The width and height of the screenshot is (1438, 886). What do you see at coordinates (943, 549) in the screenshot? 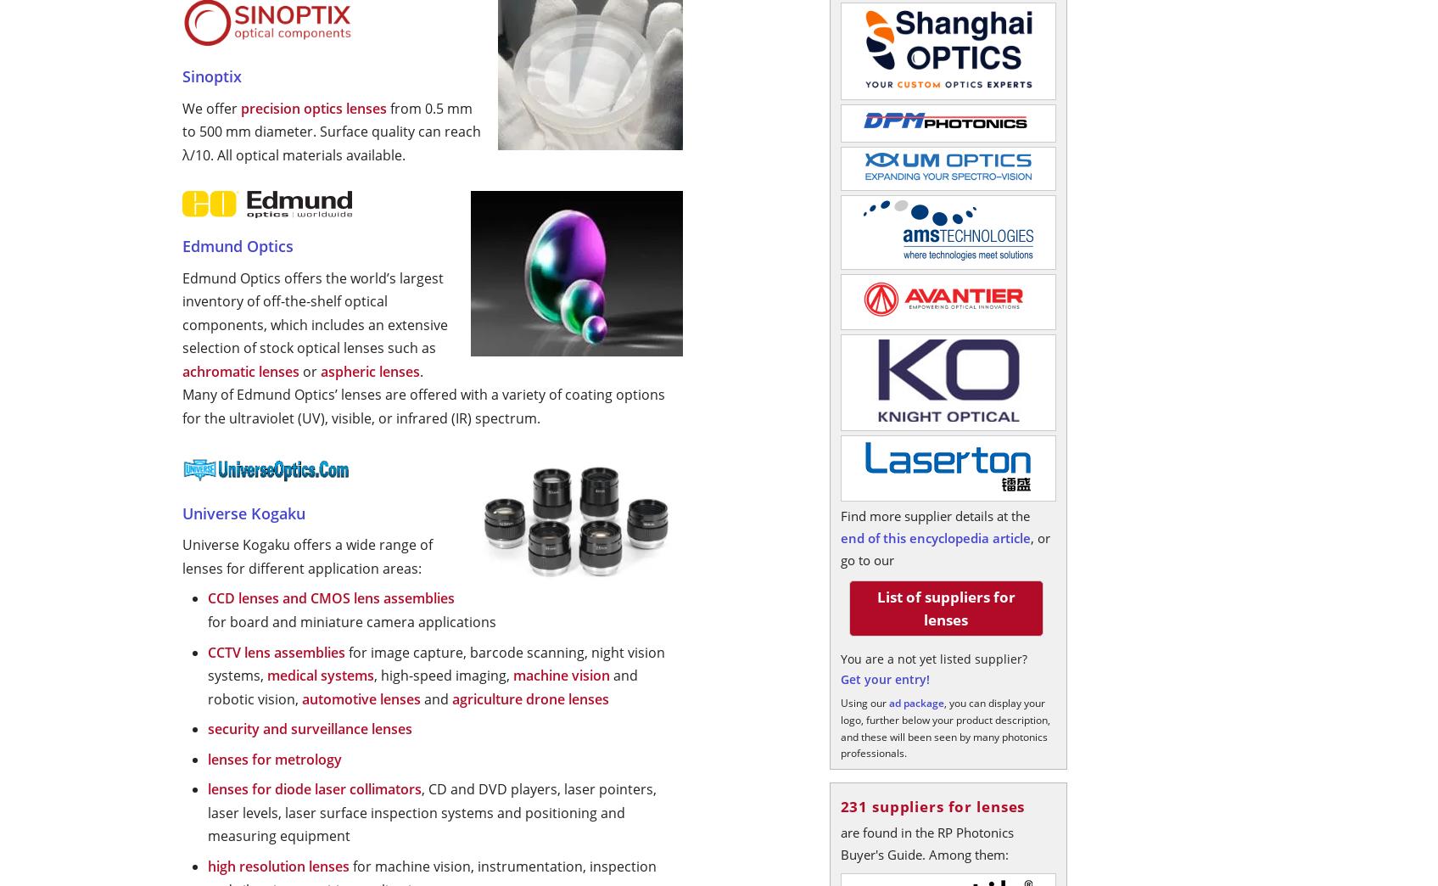
I see `', or go to our'` at bounding box center [943, 549].